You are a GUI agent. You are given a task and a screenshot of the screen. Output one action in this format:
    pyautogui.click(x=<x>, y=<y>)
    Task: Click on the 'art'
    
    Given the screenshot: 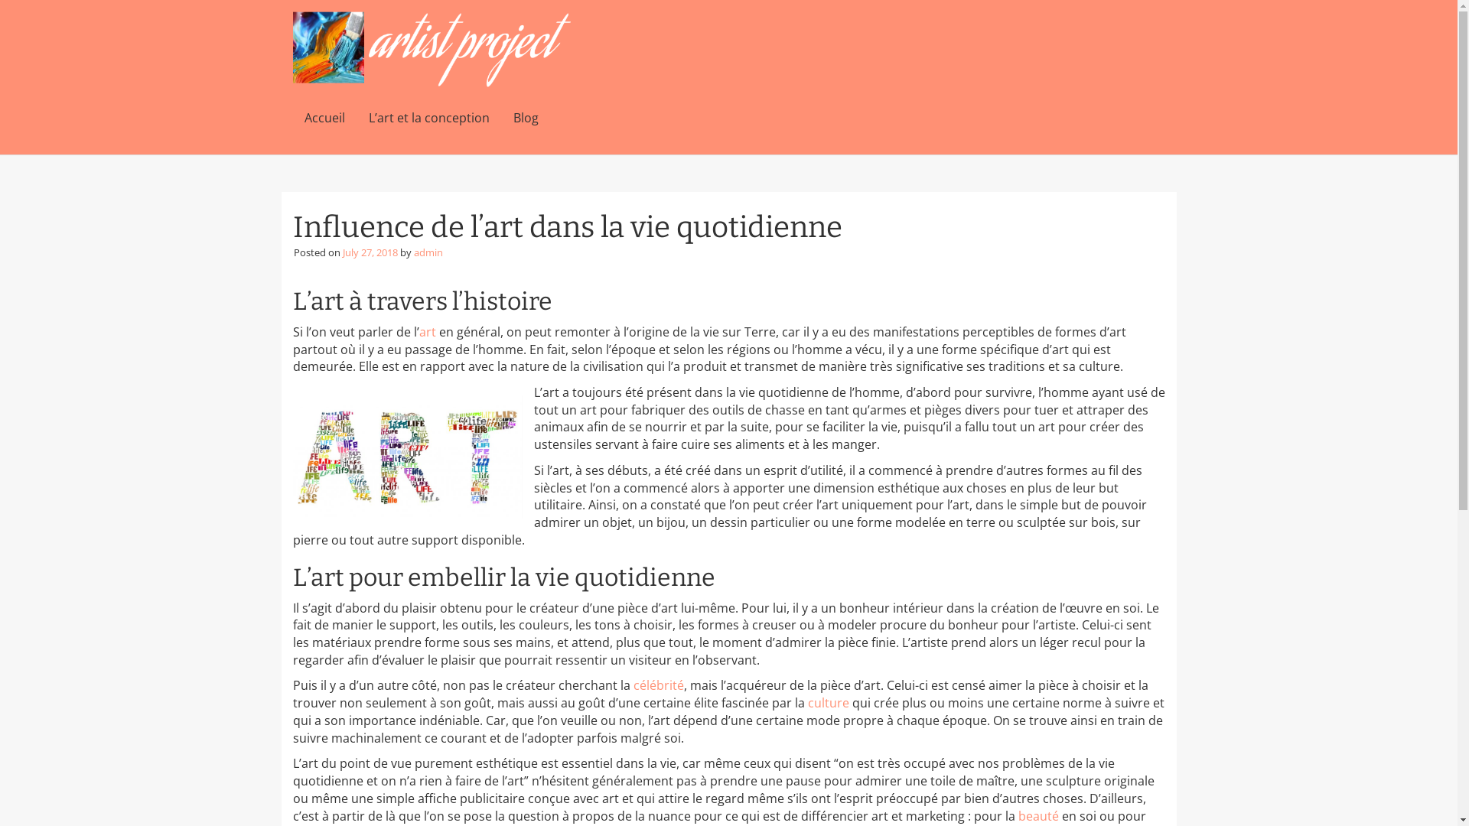 What is the action you would take?
    pyautogui.click(x=427, y=331)
    